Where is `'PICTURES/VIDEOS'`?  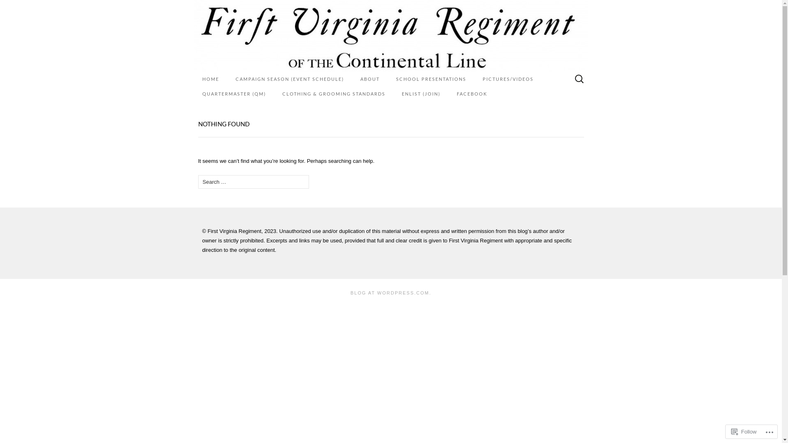 'PICTURES/VIDEOS' is located at coordinates (508, 79).